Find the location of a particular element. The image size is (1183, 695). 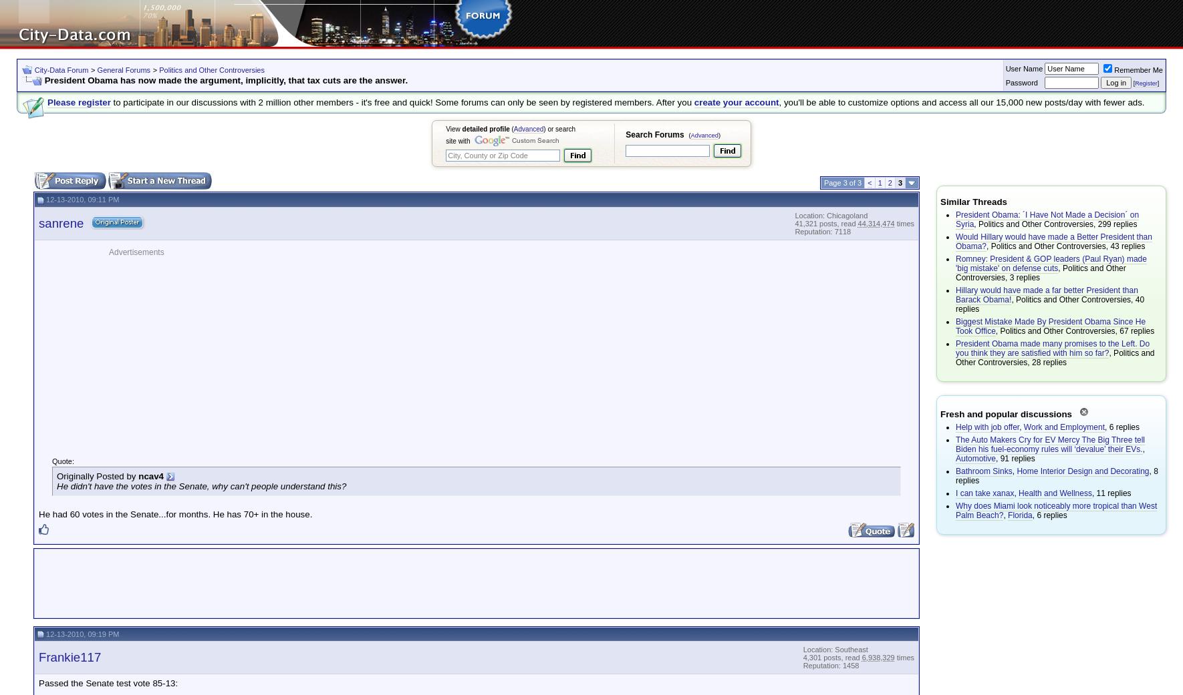

', 8 replies' is located at coordinates (955, 475).